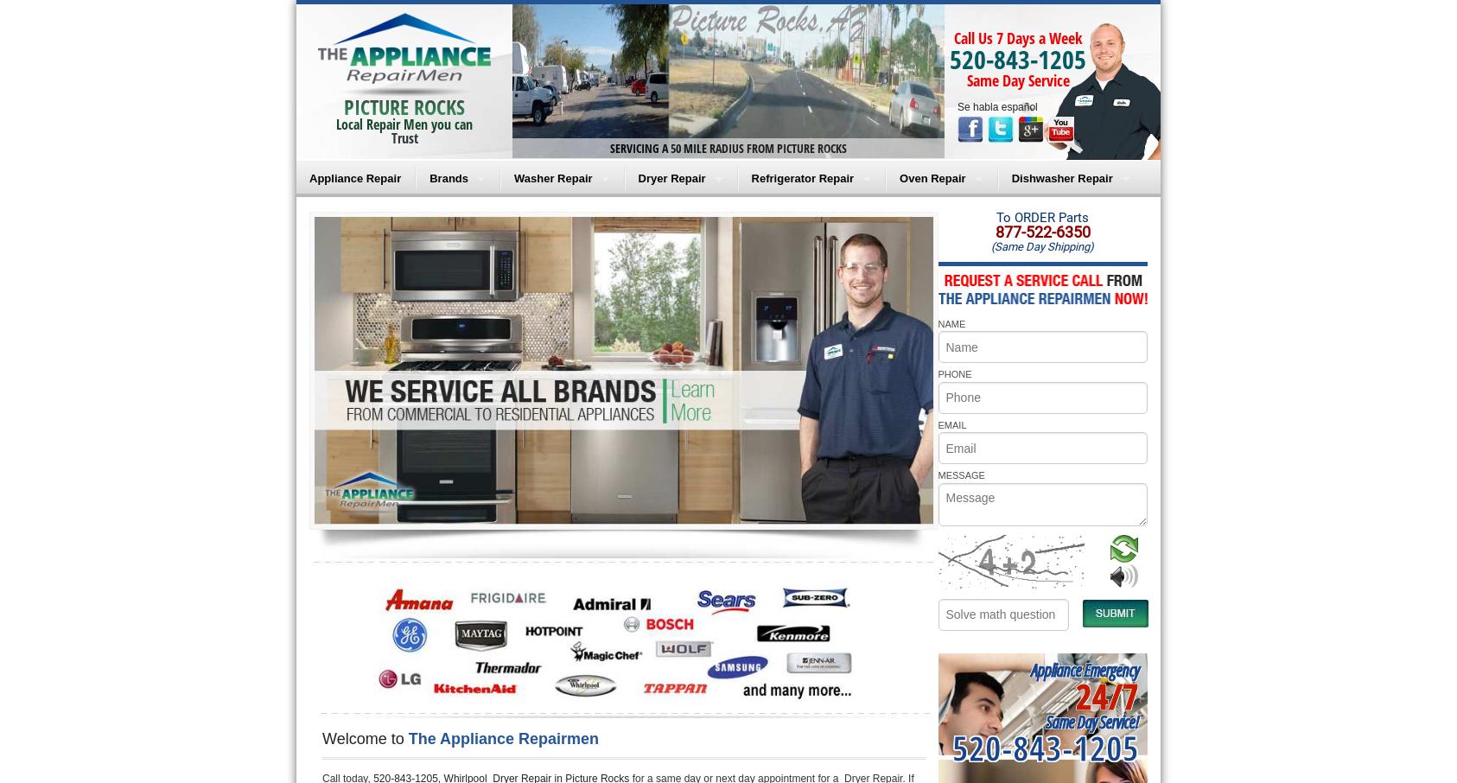 The width and height of the screenshot is (1457, 783). Describe the element at coordinates (1084, 669) in the screenshot. I see `'Appliance Emergency'` at that location.